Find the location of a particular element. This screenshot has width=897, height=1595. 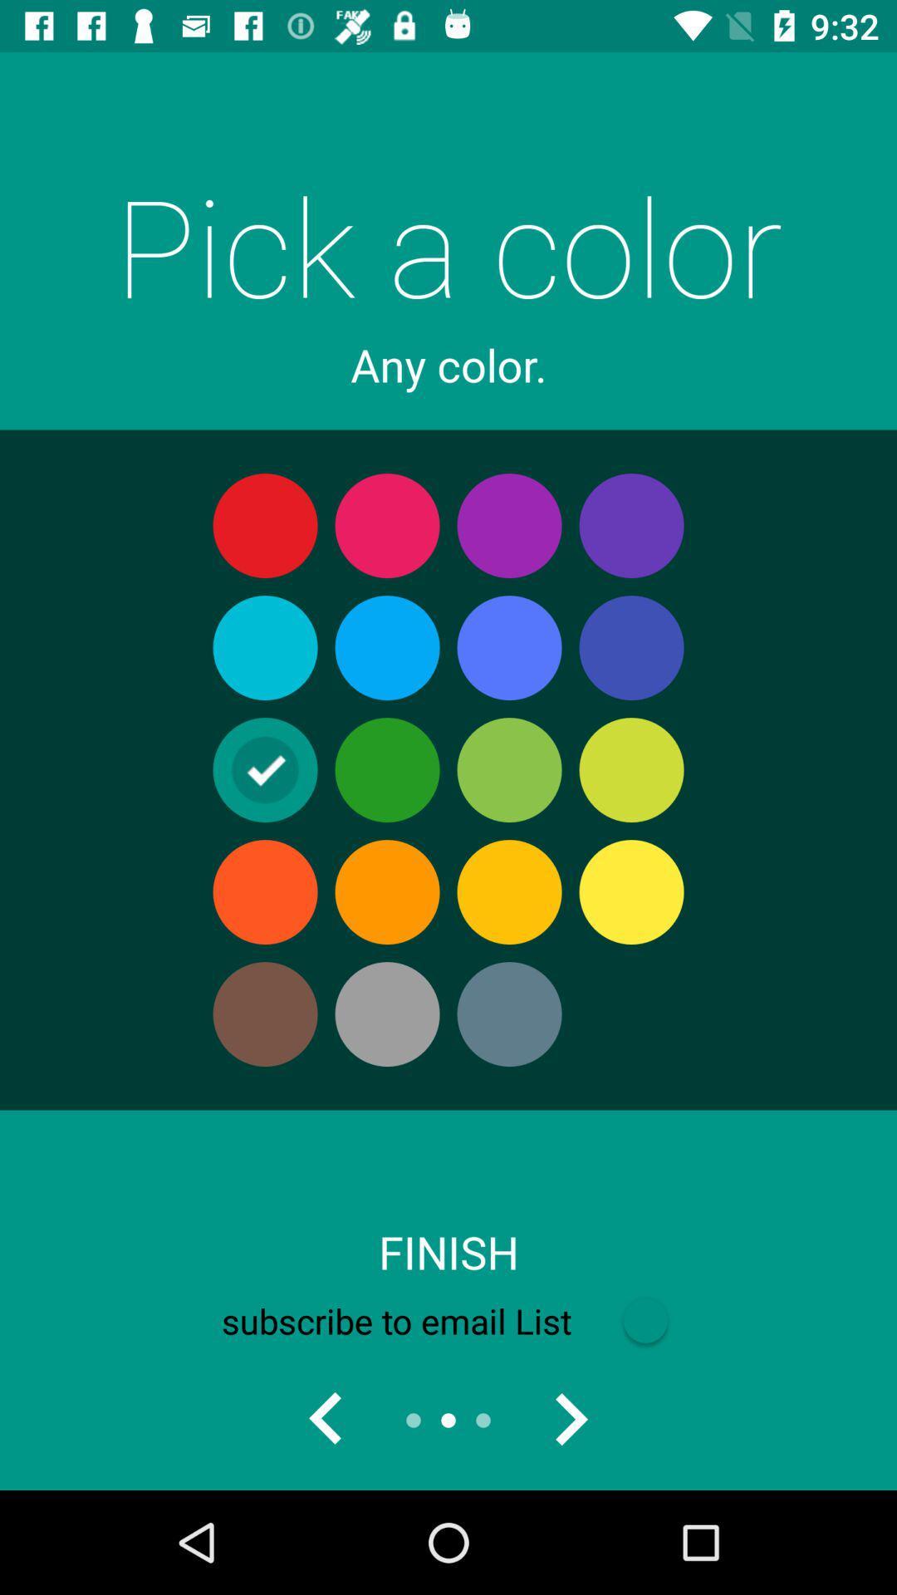

the item below the subscribe to email icon is located at coordinates (326, 1419).